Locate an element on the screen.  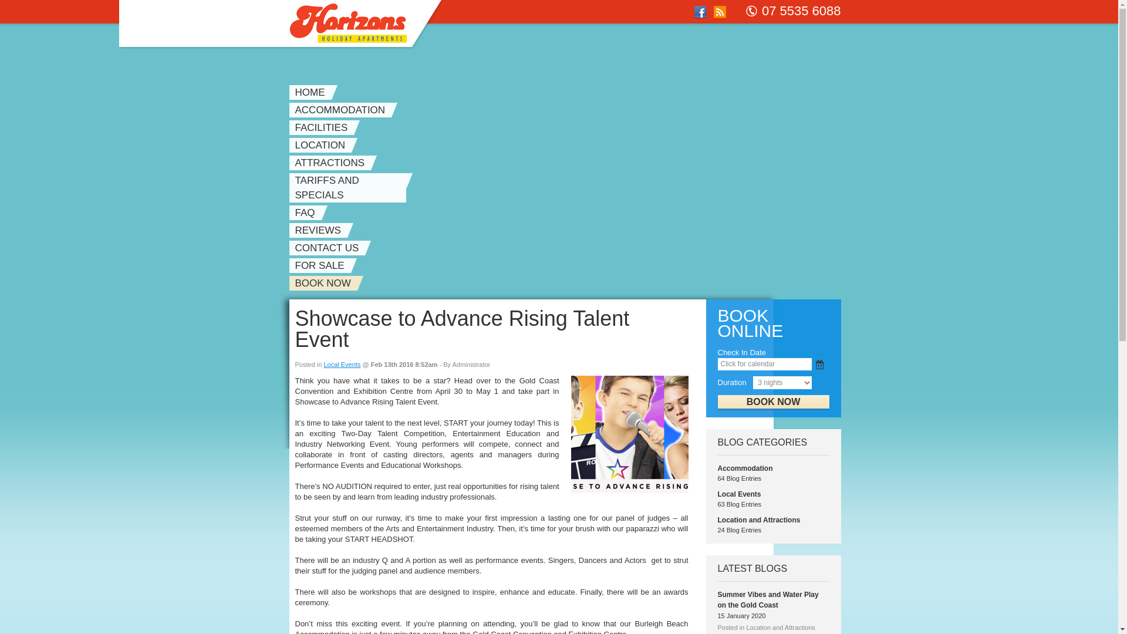
'FACILITIES' is located at coordinates (324, 127).